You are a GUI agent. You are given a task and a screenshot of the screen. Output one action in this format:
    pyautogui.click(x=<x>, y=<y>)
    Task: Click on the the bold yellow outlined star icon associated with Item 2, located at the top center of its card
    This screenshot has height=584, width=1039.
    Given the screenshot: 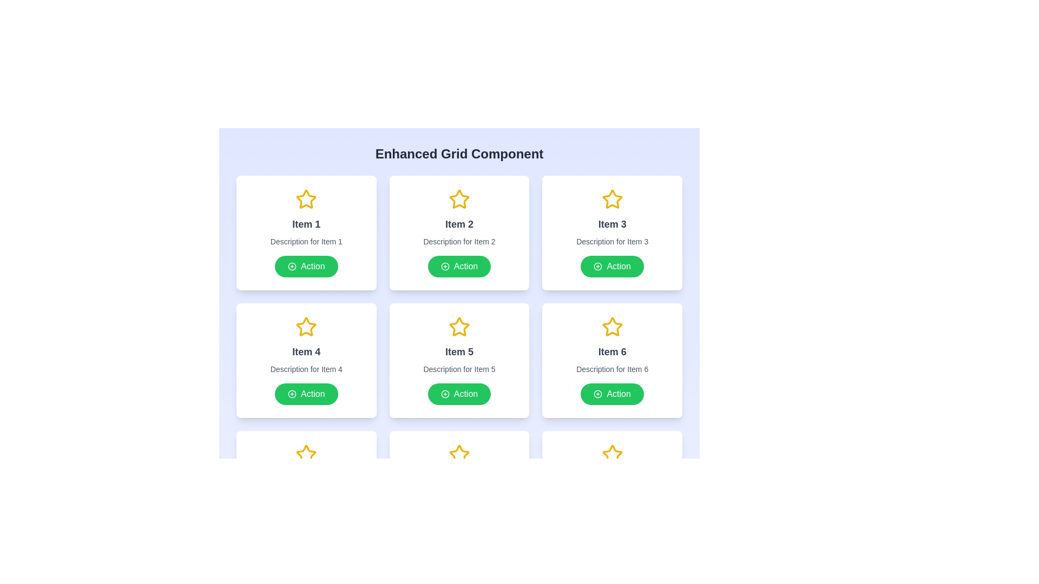 What is the action you would take?
    pyautogui.click(x=459, y=199)
    